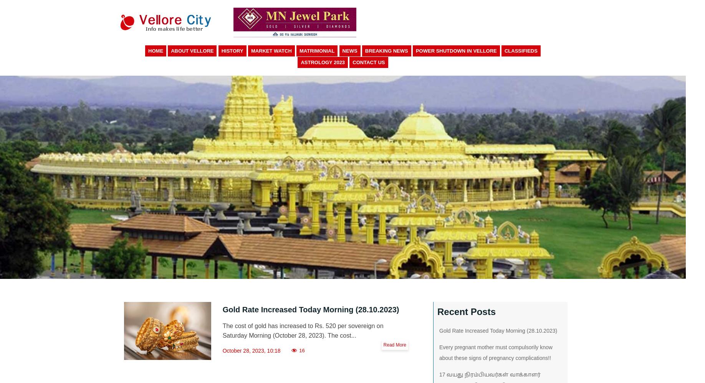  Describe the element at coordinates (301, 350) in the screenshot. I see `'16'` at that location.